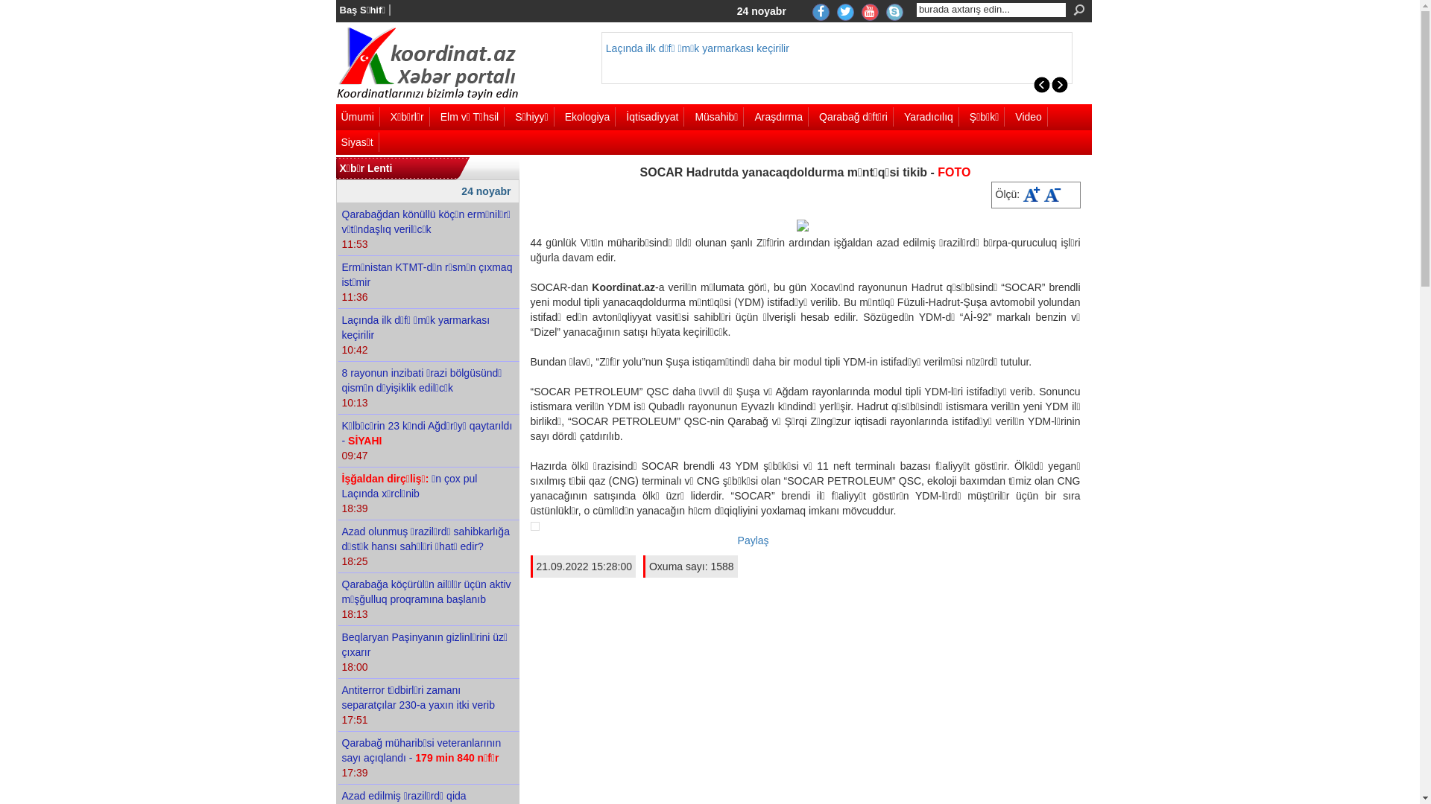  What do you see at coordinates (590, 116) in the screenshot?
I see `'Ekologiya'` at bounding box center [590, 116].